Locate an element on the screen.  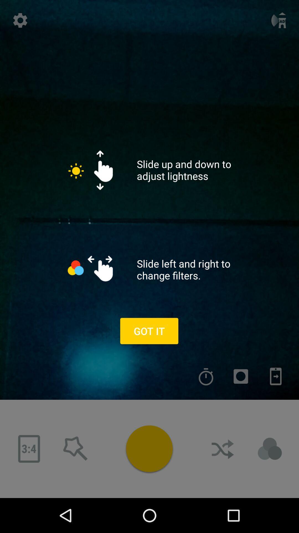
adv link is located at coordinates (270, 449).